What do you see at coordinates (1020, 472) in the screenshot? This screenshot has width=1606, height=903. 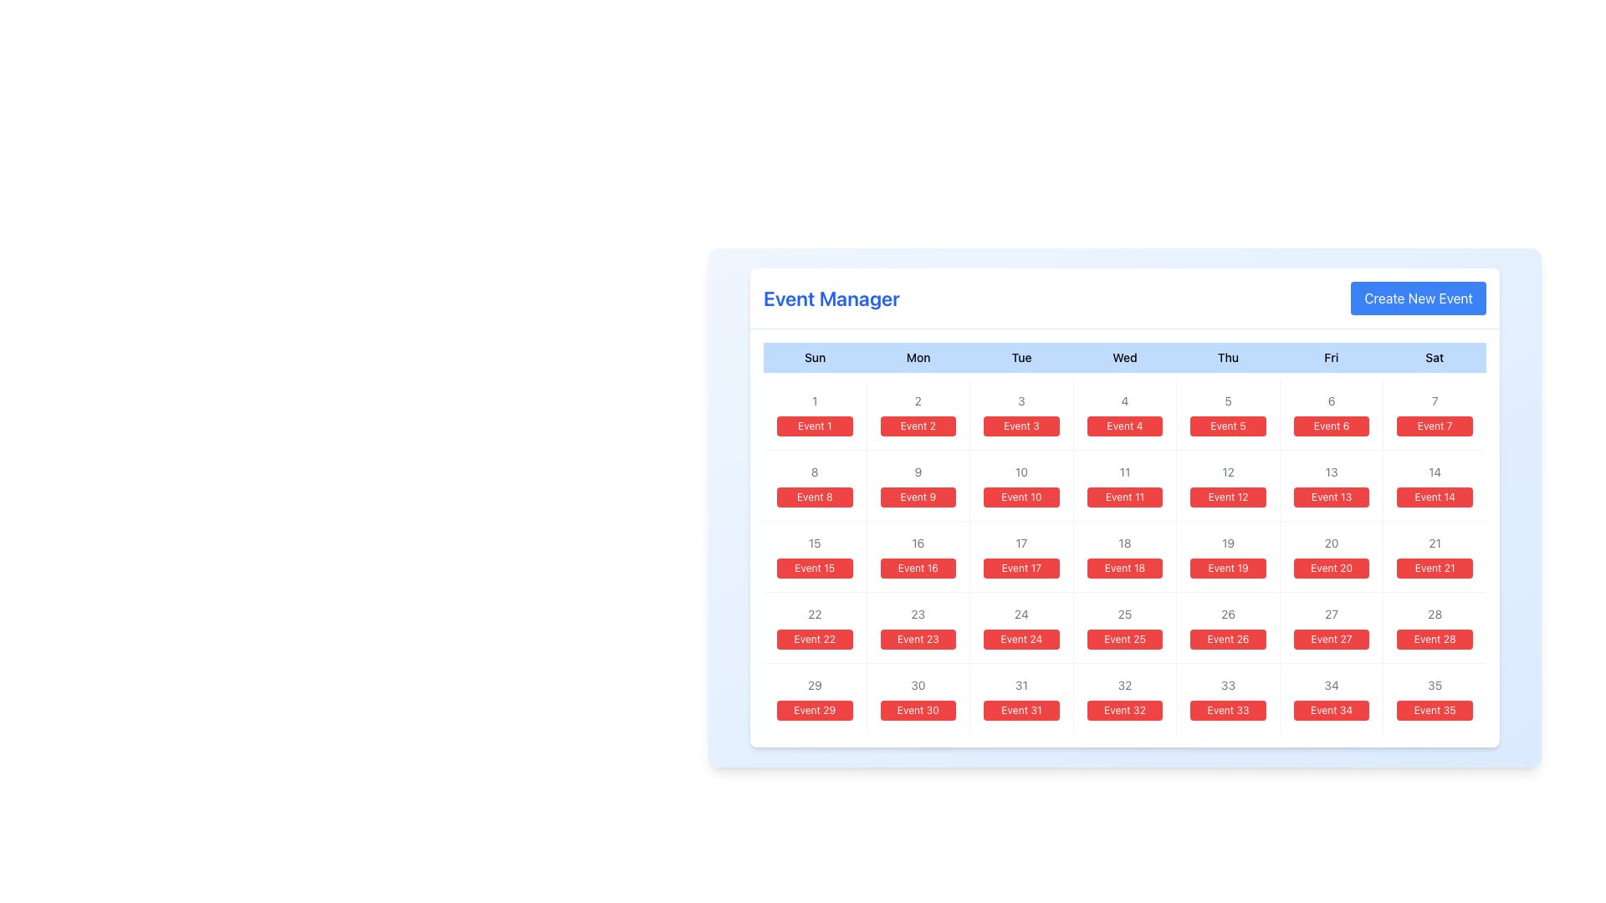 I see `the text label displaying the value '10' located in the grid cell for Tuesday, positioned in the second row and third column` at bounding box center [1020, 472].